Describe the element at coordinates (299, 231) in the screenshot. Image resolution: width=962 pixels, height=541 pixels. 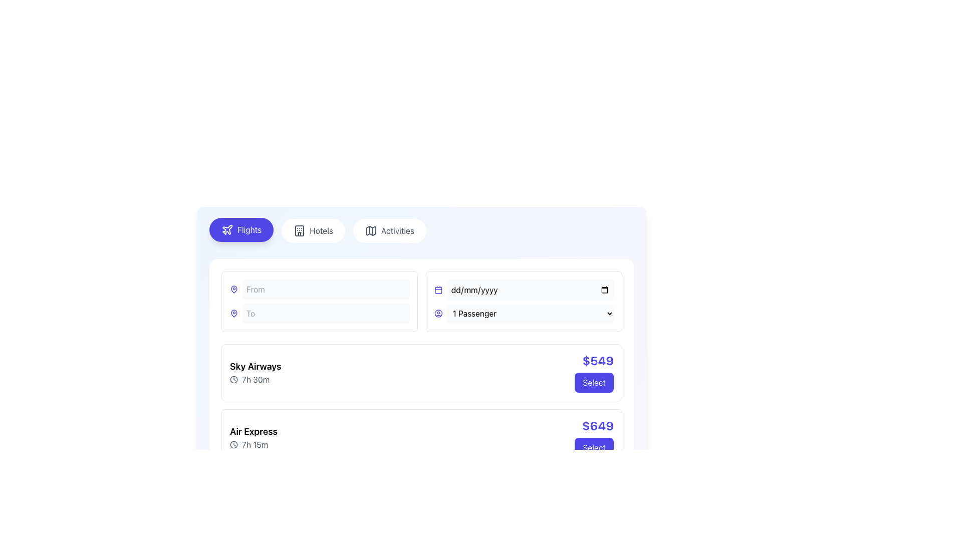
I see `the central SVG element of the 'Hotels' icon in the navigation bar, which visually represents the 'Hotels' section` at that location.